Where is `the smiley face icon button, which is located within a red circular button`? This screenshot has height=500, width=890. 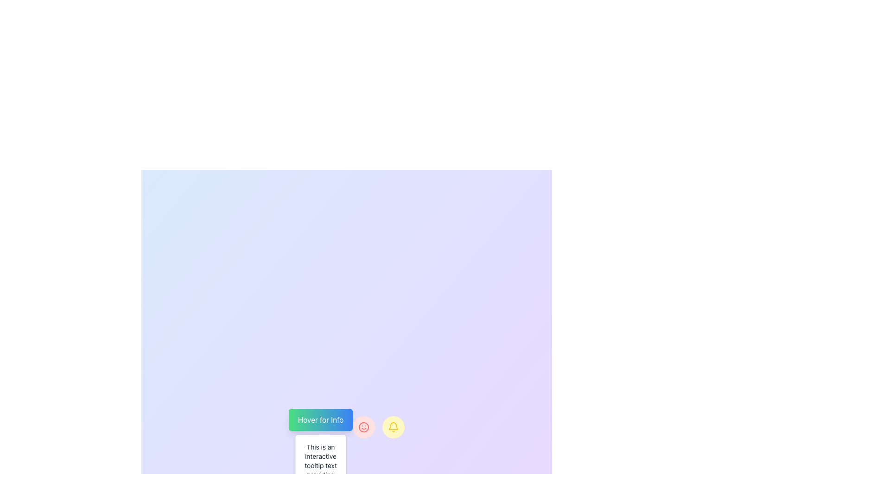 the smiley face icon button, which is located within a red circular button is located at coordinates (363, 427).